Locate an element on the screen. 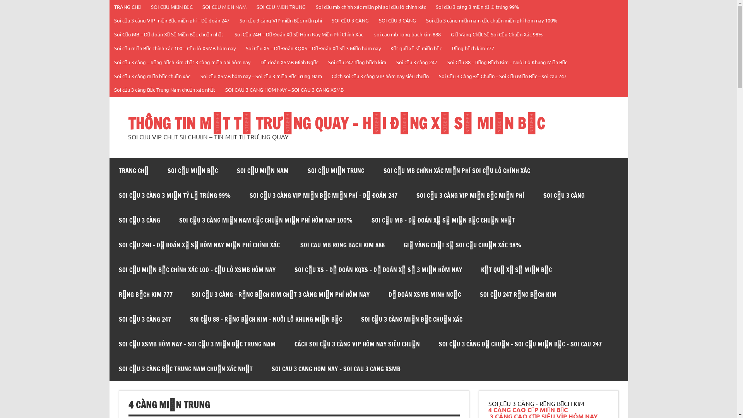 This screenshot has width=743, height=418. 'soi cau mb rong bach kim 888' is located at coordinates (407, 34).